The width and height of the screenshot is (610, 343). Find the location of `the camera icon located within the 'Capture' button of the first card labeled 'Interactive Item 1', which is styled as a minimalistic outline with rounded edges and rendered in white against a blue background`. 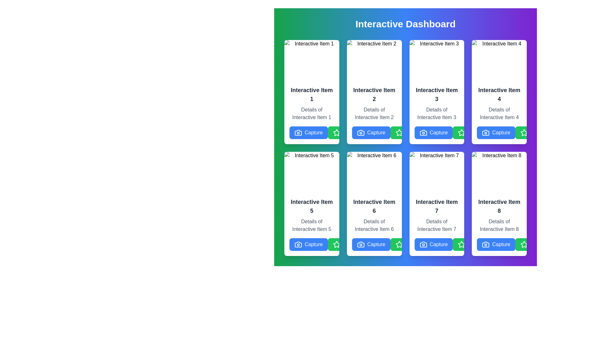

the camera icon located within the 'Capture' button of the first card labeled 'Interactive Item 1', which is styled as a minimalistic outline with rounded edges and rendered in white against a blue background is located at coordinates (298, 132).